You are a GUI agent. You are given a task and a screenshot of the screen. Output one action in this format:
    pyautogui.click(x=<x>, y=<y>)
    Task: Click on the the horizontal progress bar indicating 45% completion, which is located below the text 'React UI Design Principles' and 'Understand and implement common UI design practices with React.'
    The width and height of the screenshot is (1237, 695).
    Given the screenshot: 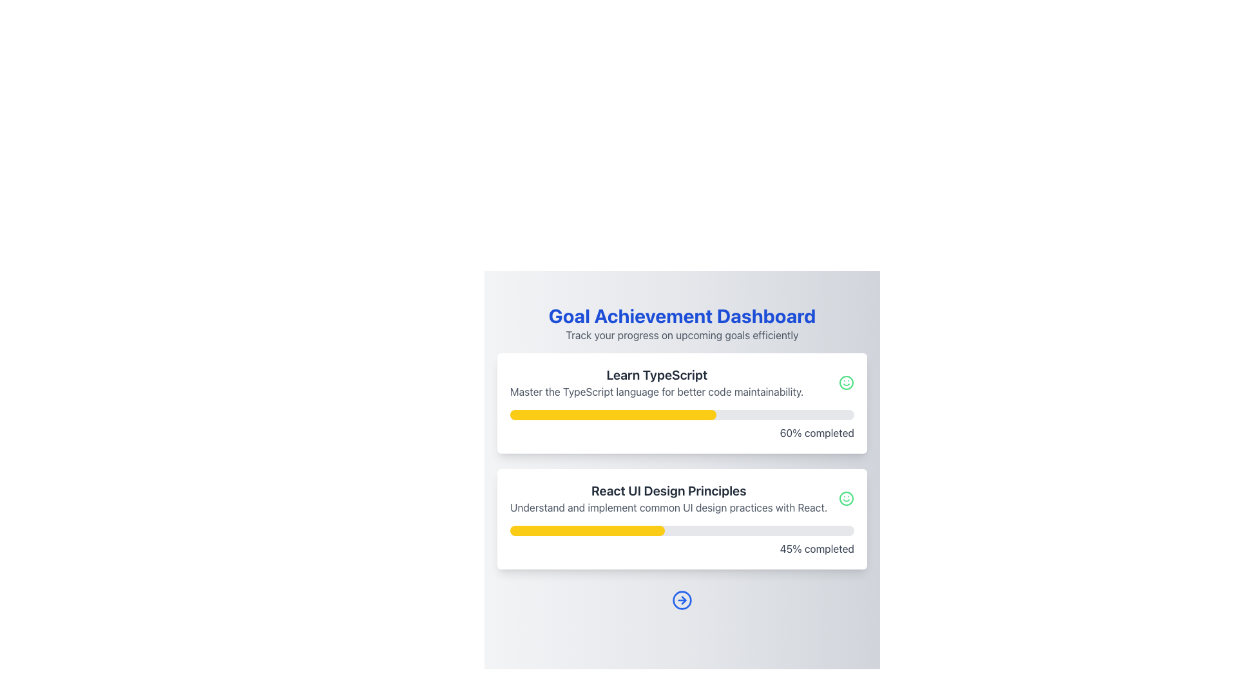 What is the action you would take?
    pyautogui.click(x=682, y=531)
    